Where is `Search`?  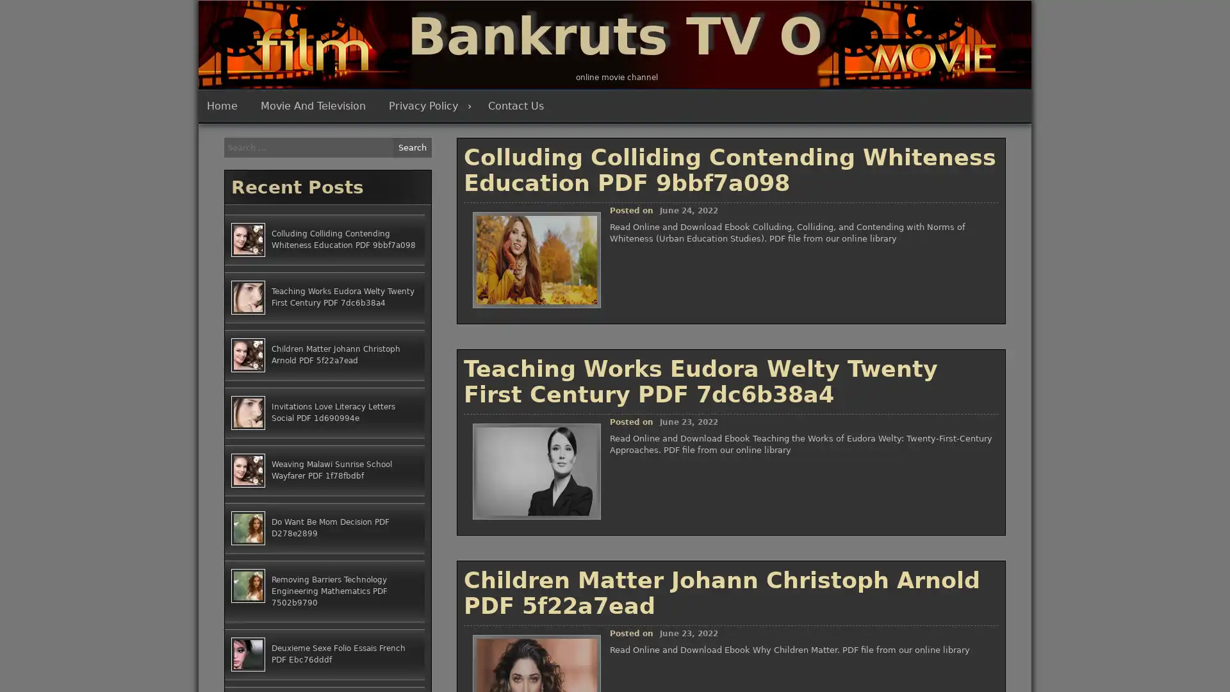
Search is located at coordinates (412, 147).